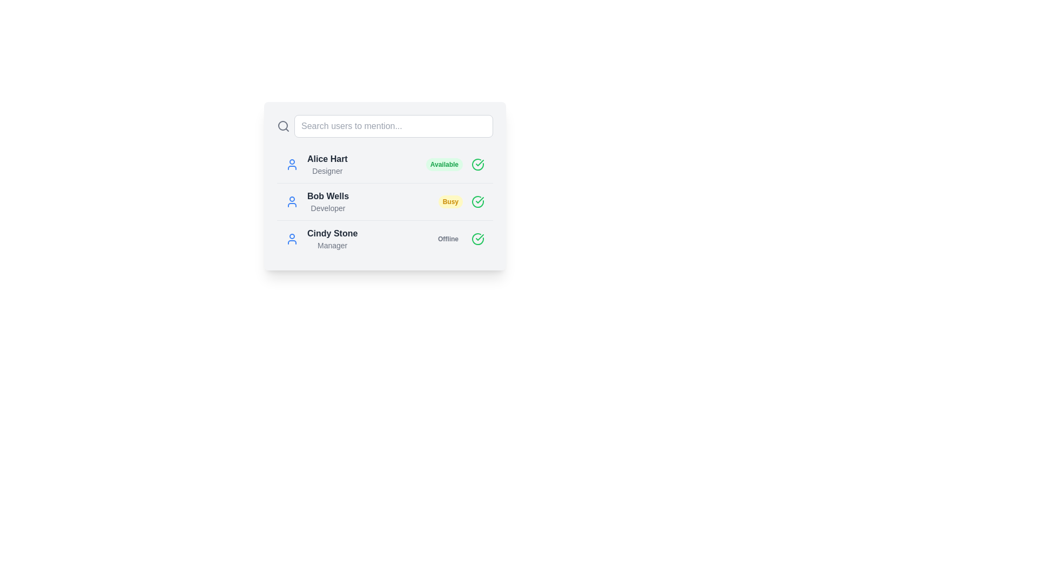 The width and height of the screenshot is (1037, 583). What do you see at coordinates (327, 159) in the screenshot?
I see `the text heading displaying 'Alice Hart', which is bold and dark-colored, located at the top of the user profile card` at bounding box center [327, 159].